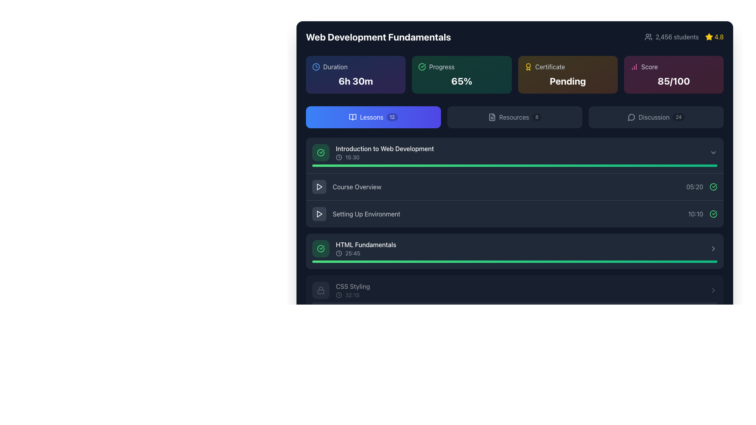  Describe the element at coordinates (339, 253) in the screenshot. I see `the clock icon representing the duration of the lesson titled 'HTML Fundamentals', which is located beside the text '25:45' in the fourth row of the lesson list` at that location.